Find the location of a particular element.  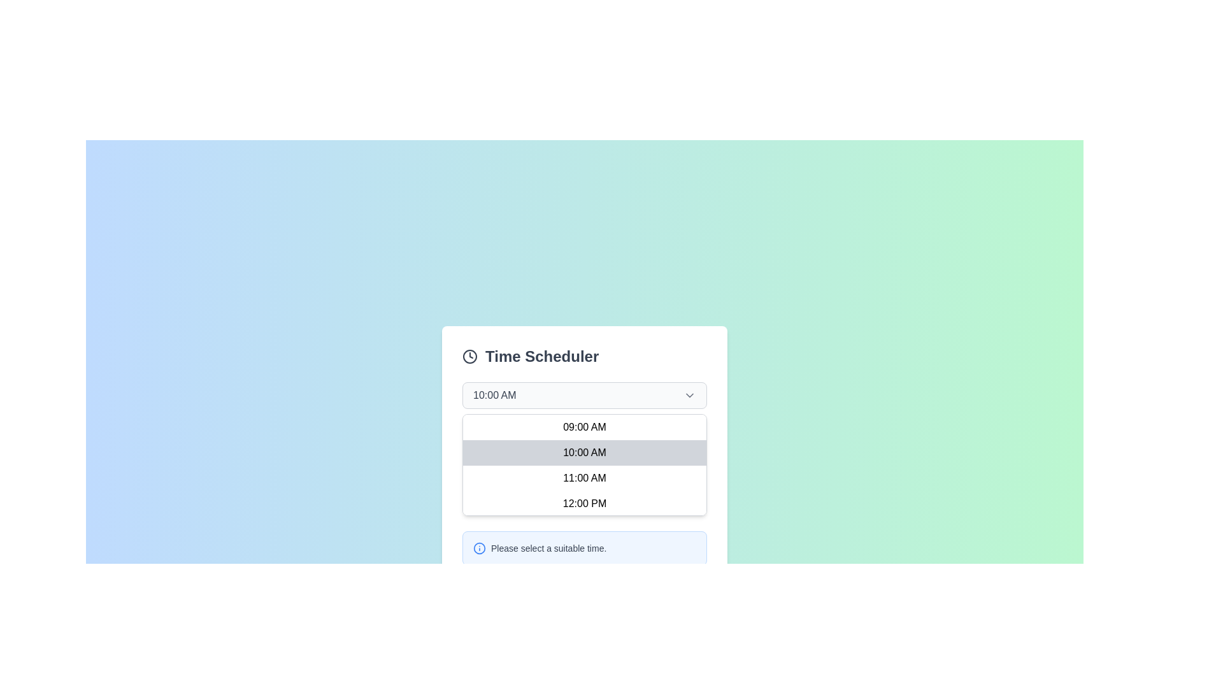

the icon located at the extreme right side of the text field labeled '10:00 AM' in the 'Time Scheduler' interface is located at coordinates (689, 395).